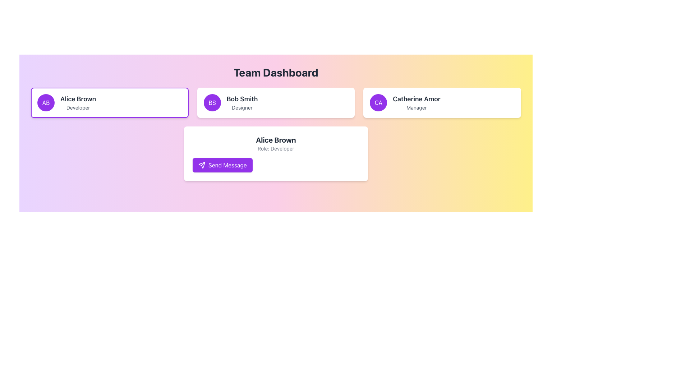 Image resolution: width=690 pixels, height=388 pixels. Describe the element at coordinates (442, 102) in the screenshot. I see `the user profile card displaying information about a team member, located in the top-right section of the interface, specifically the third card in the row after Bob Smith` at that location.